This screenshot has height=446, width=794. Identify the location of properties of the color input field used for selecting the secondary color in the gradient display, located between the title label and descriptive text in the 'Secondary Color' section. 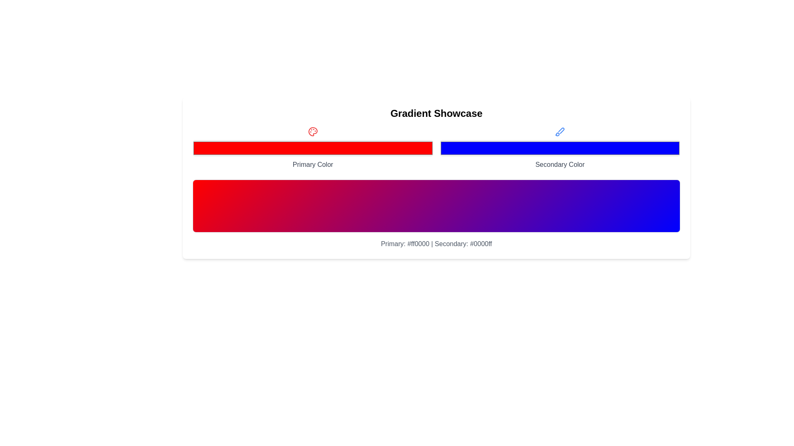
(560, 147).